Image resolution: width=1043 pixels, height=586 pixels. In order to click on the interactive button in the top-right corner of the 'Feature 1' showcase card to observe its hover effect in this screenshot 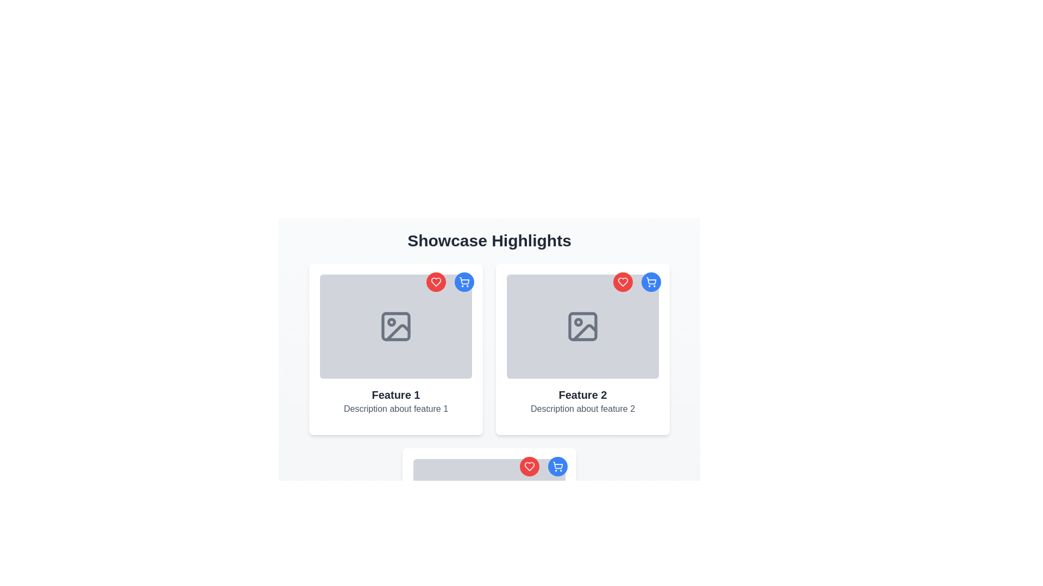, I will do `click(464, 282)`.